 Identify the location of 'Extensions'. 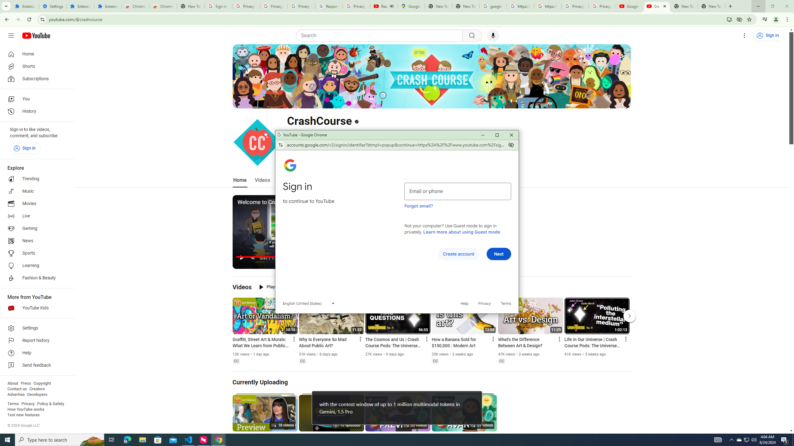
(80, 6).